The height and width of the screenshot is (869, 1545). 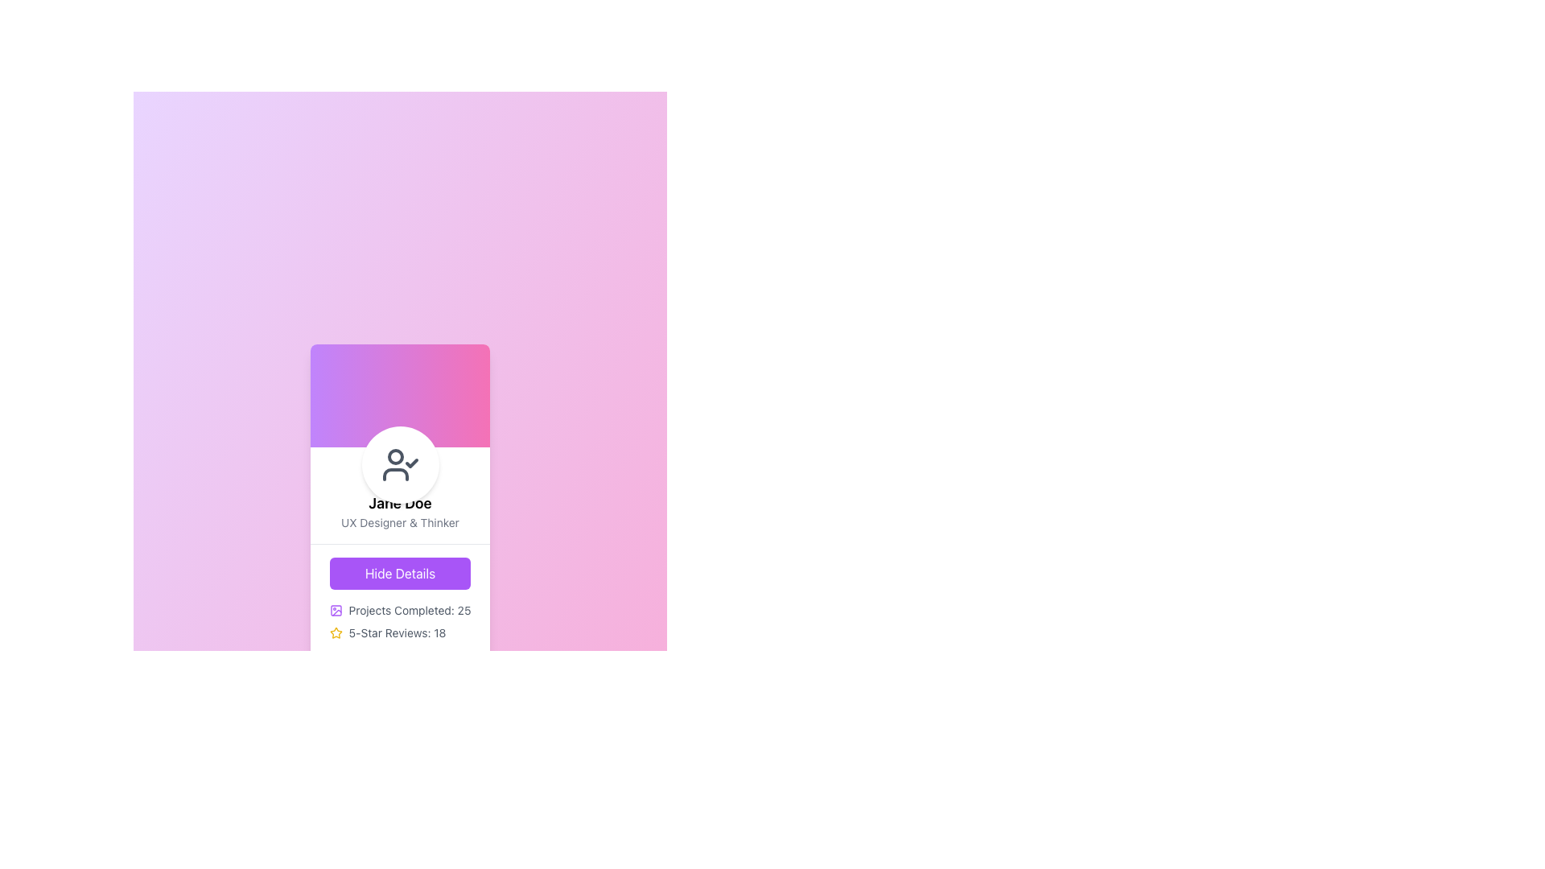 I want to click on the 'Hide Details' button with a purple background and white text located at the bottom of the card component, so click(x=400, y=599).